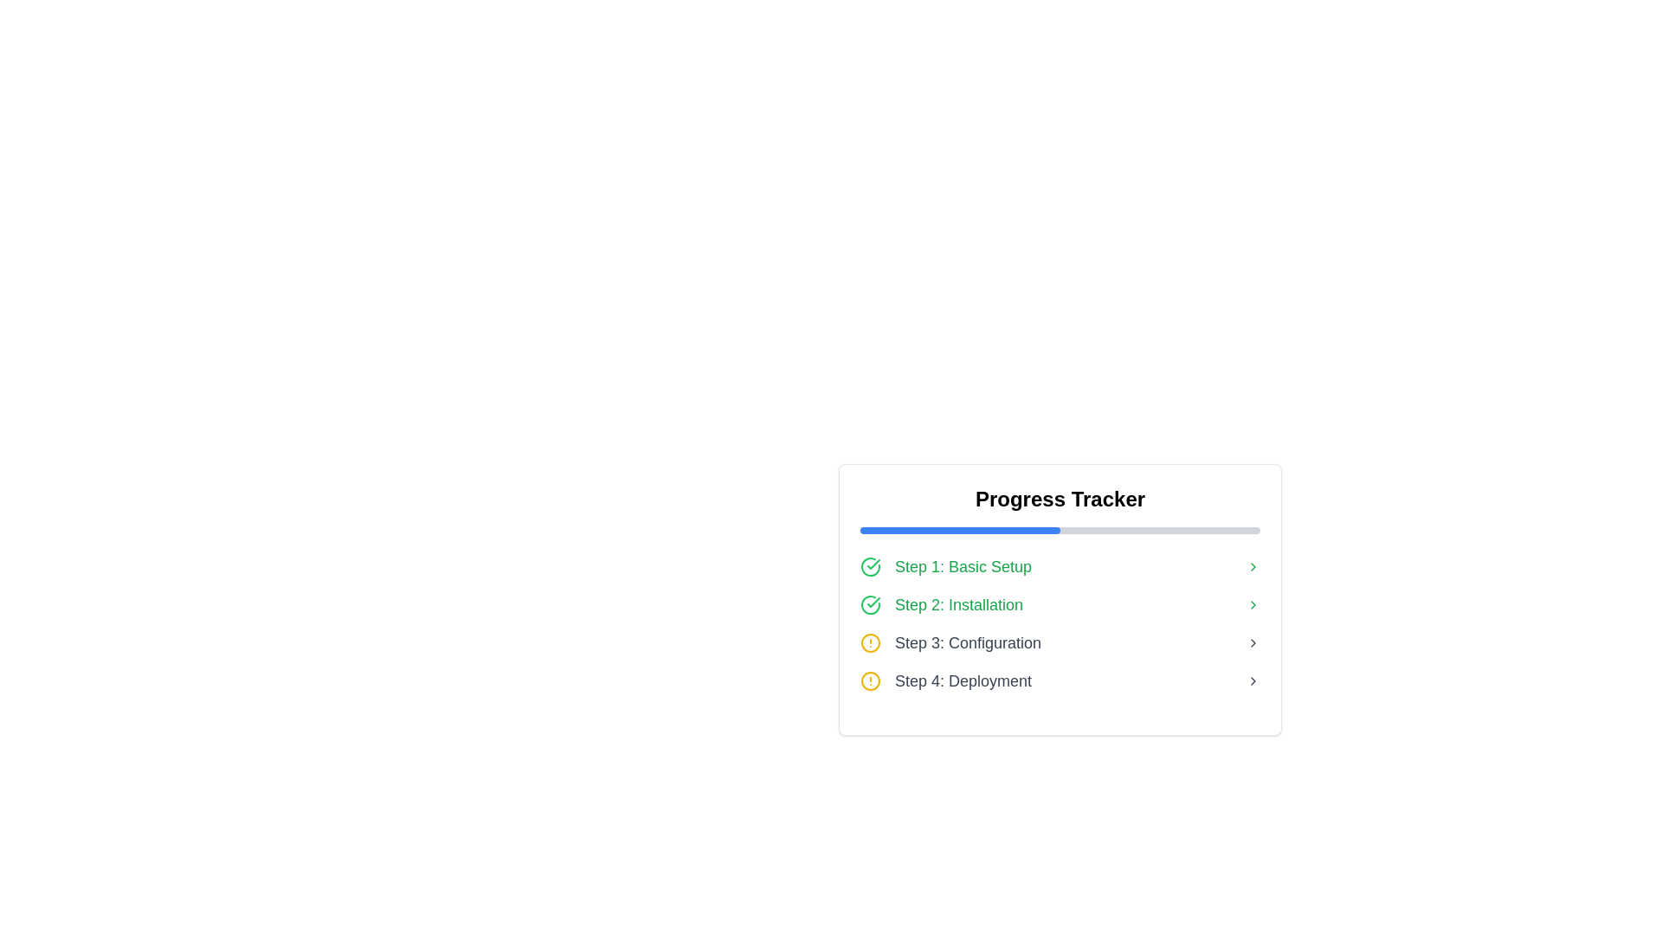 This screenshot has height=935, width=1662. What do you see at coordinates (1059, 500) in the screenshot?
I see `text content of the Text Label that serves as the title for the section, indicating that the content below pertains to tracking progress` at bounding box center [1059, 500].